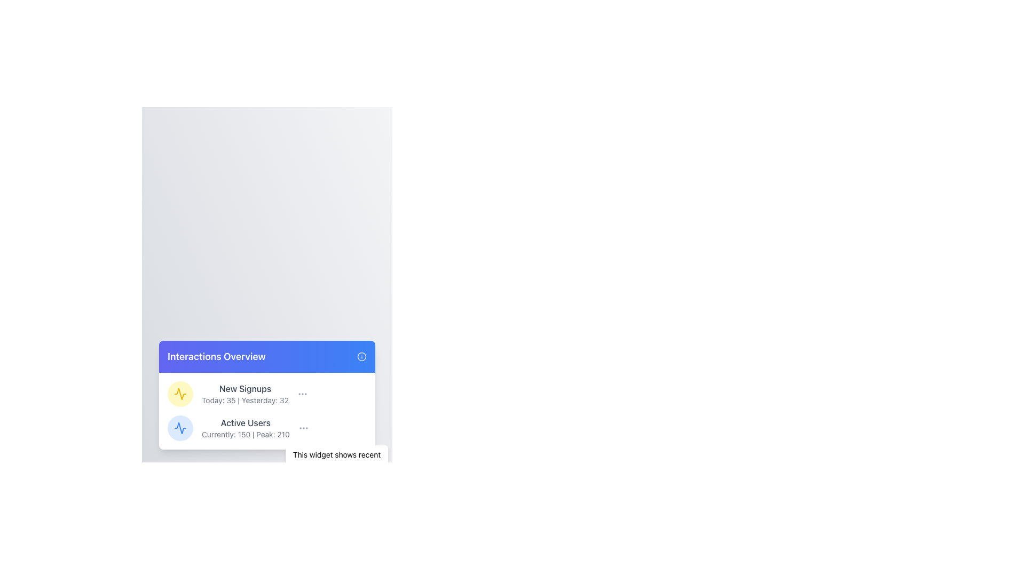  Describe the element at coordinates (245, 427) in the screenshot. I see `the 'Active Users' Information Display Block, which shows the current and peak user counts on the dashboard under the 'Interactions Overview' section` at that location.